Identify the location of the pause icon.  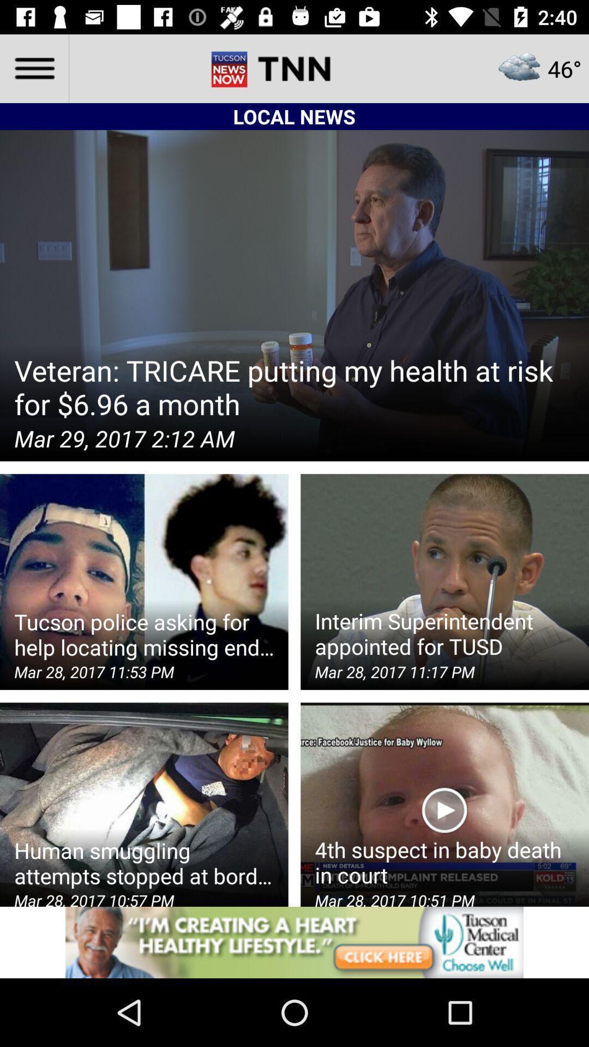
(256, 68).